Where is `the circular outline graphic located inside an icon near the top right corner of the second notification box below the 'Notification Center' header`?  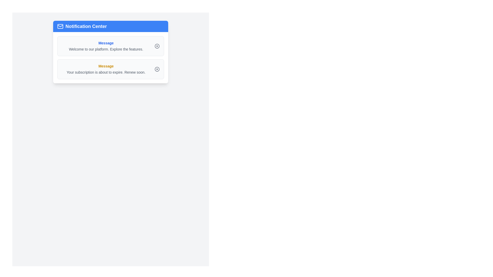 the circular outline graphic located inside an icon near the top right corner of the second notification box below the 'Notification Center' header is located at coordinates (157, 69).